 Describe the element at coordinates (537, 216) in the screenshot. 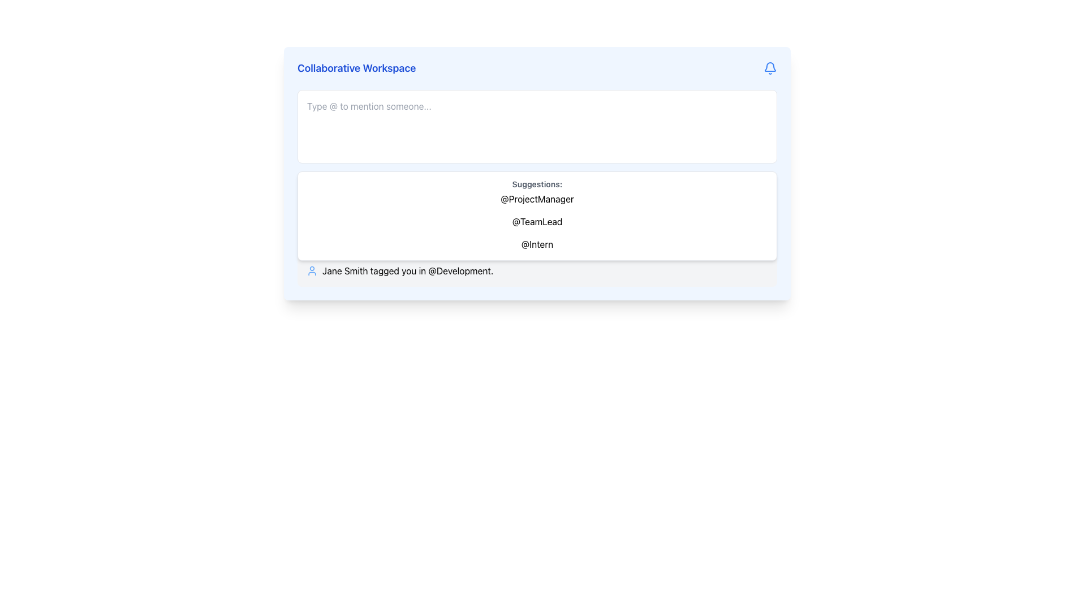

I see `the '@TeamLead' item in the dropdown suggestions panel which appears below the text input area labeled 'Type @ to mention someone...'` at that location.